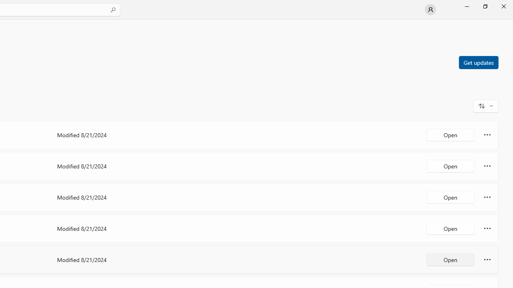  Describe the element at coordinates (487, 260) in the screenshot. I see `'More options'` at that location.